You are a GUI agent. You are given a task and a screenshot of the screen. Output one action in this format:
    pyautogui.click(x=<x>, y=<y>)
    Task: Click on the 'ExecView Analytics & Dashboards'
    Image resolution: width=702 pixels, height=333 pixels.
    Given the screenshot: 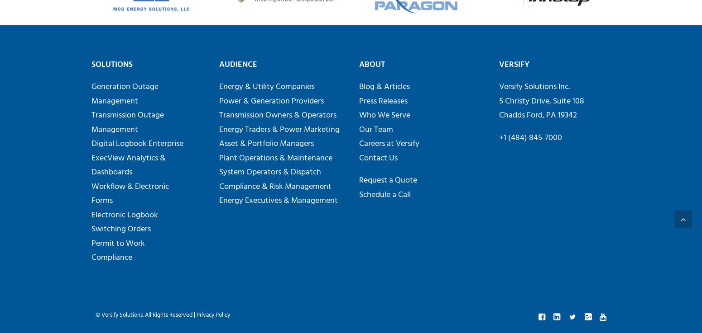 What is the action you would take?
    pyautogui.click(x=128, y=164)
    